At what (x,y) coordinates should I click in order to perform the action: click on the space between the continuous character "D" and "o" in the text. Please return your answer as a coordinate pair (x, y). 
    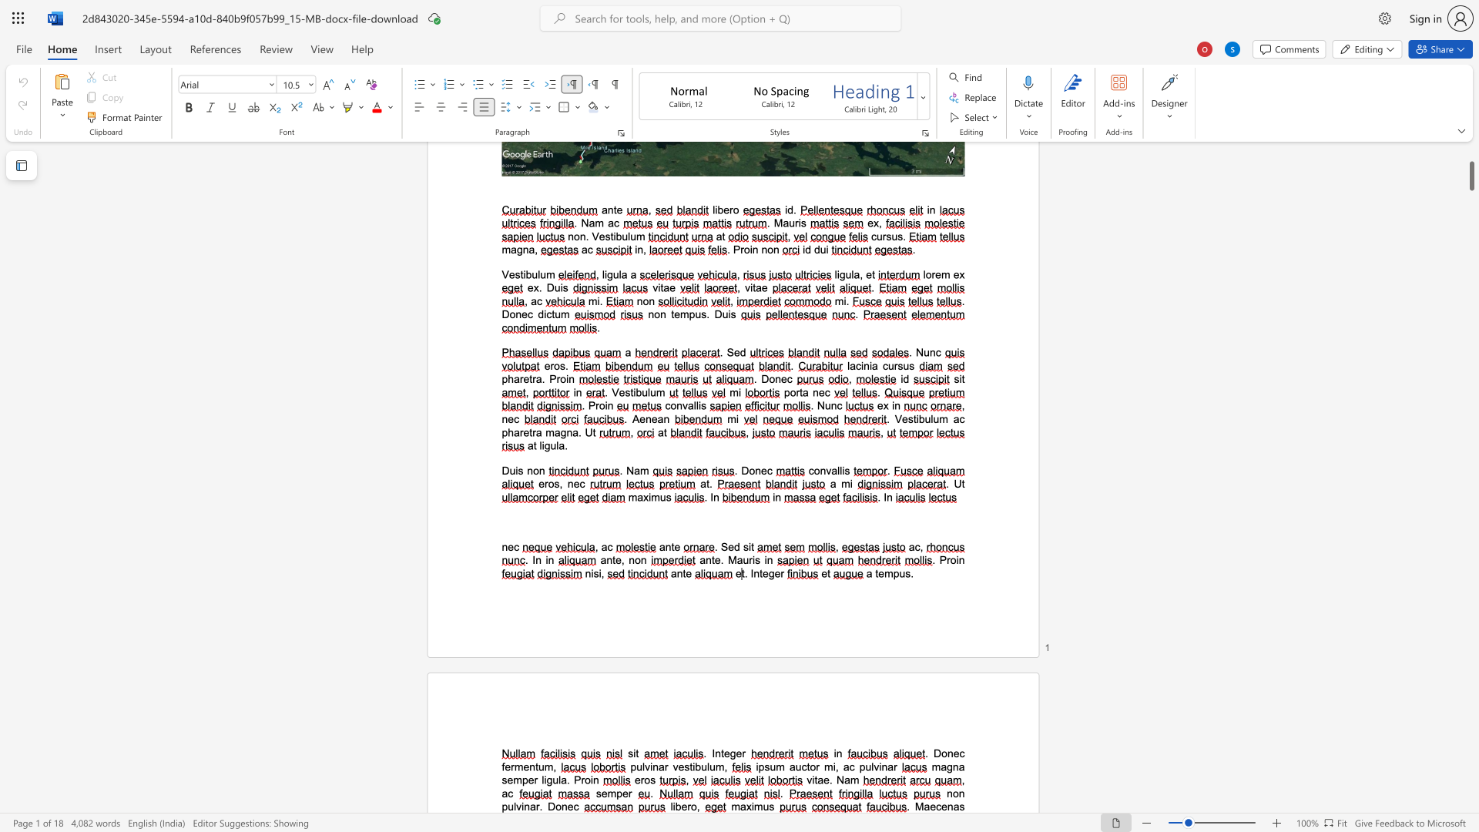
    Looking at the image, I should click on (555, 806).